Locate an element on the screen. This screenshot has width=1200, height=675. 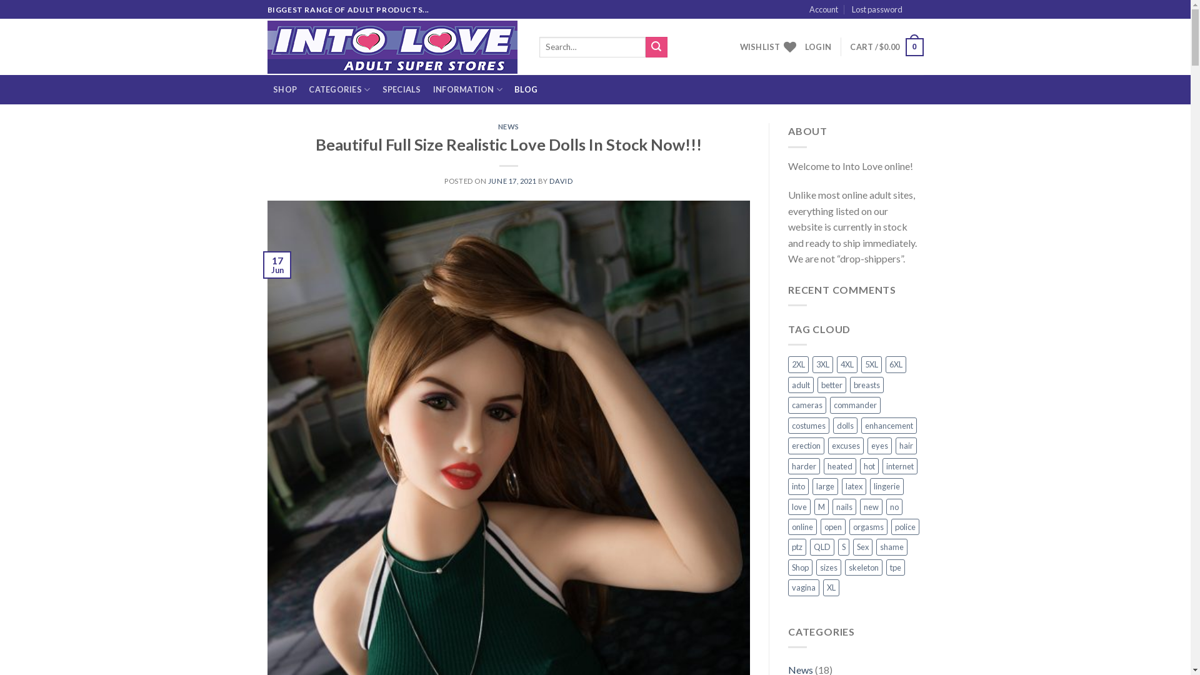
'QLD' is located at coordinates (822, 546).